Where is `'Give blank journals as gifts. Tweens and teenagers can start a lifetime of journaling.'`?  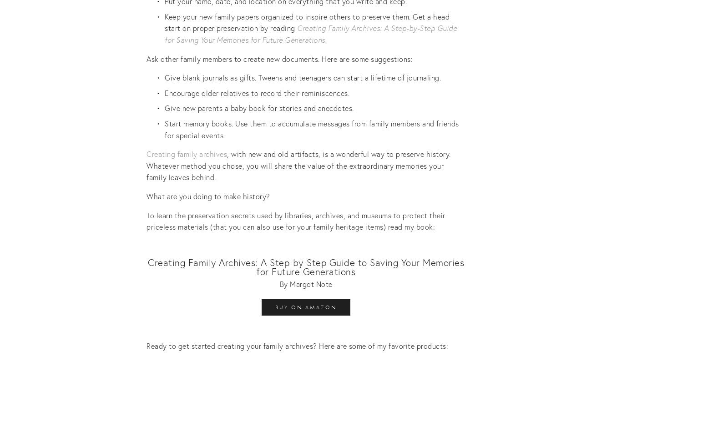 'Give blank journals as gifts. Tweens and teenagers can start a lifetime of journaling.' is located at coordinates (165, 77).